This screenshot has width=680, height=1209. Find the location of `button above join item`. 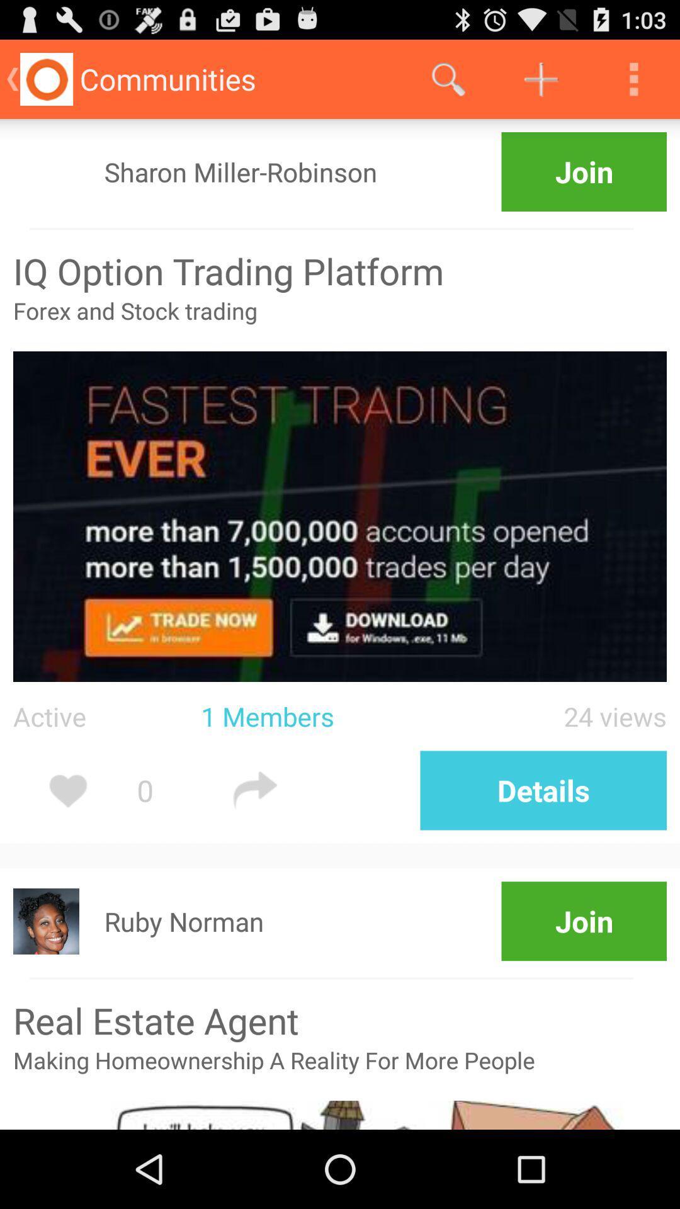

button above join item is located at coordinates (448, 78).